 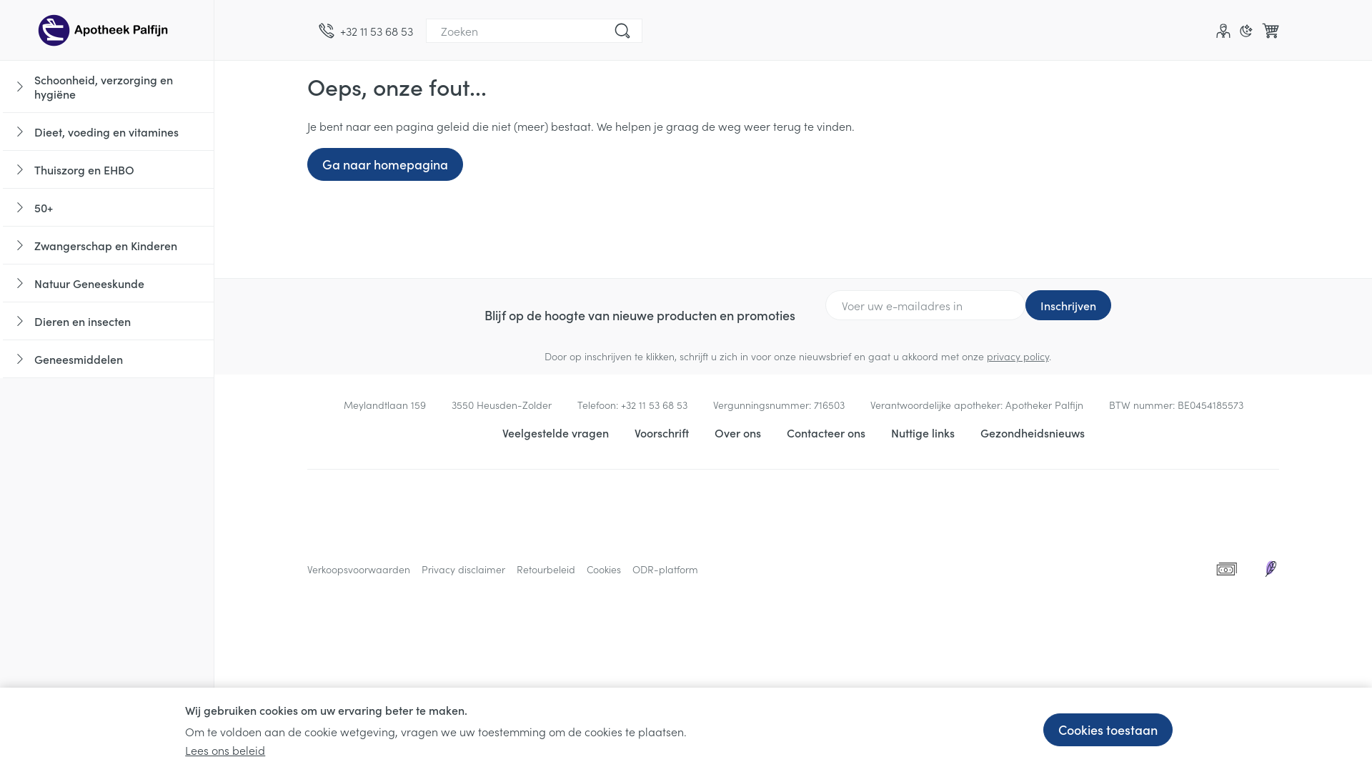 What do you see at coordinates (586, 568) in the screenshot?
I see `'Cookies'` at bounding box center [586, 568].